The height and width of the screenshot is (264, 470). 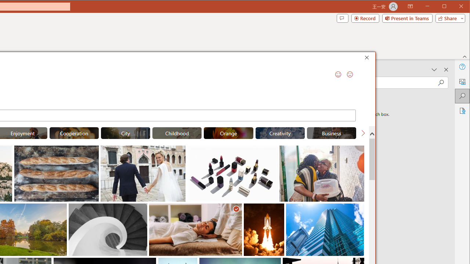 What do you see at coordinates (349, 74) in the screenshot?
I see `'Send a Frown'` at bounding box center [349, 74].